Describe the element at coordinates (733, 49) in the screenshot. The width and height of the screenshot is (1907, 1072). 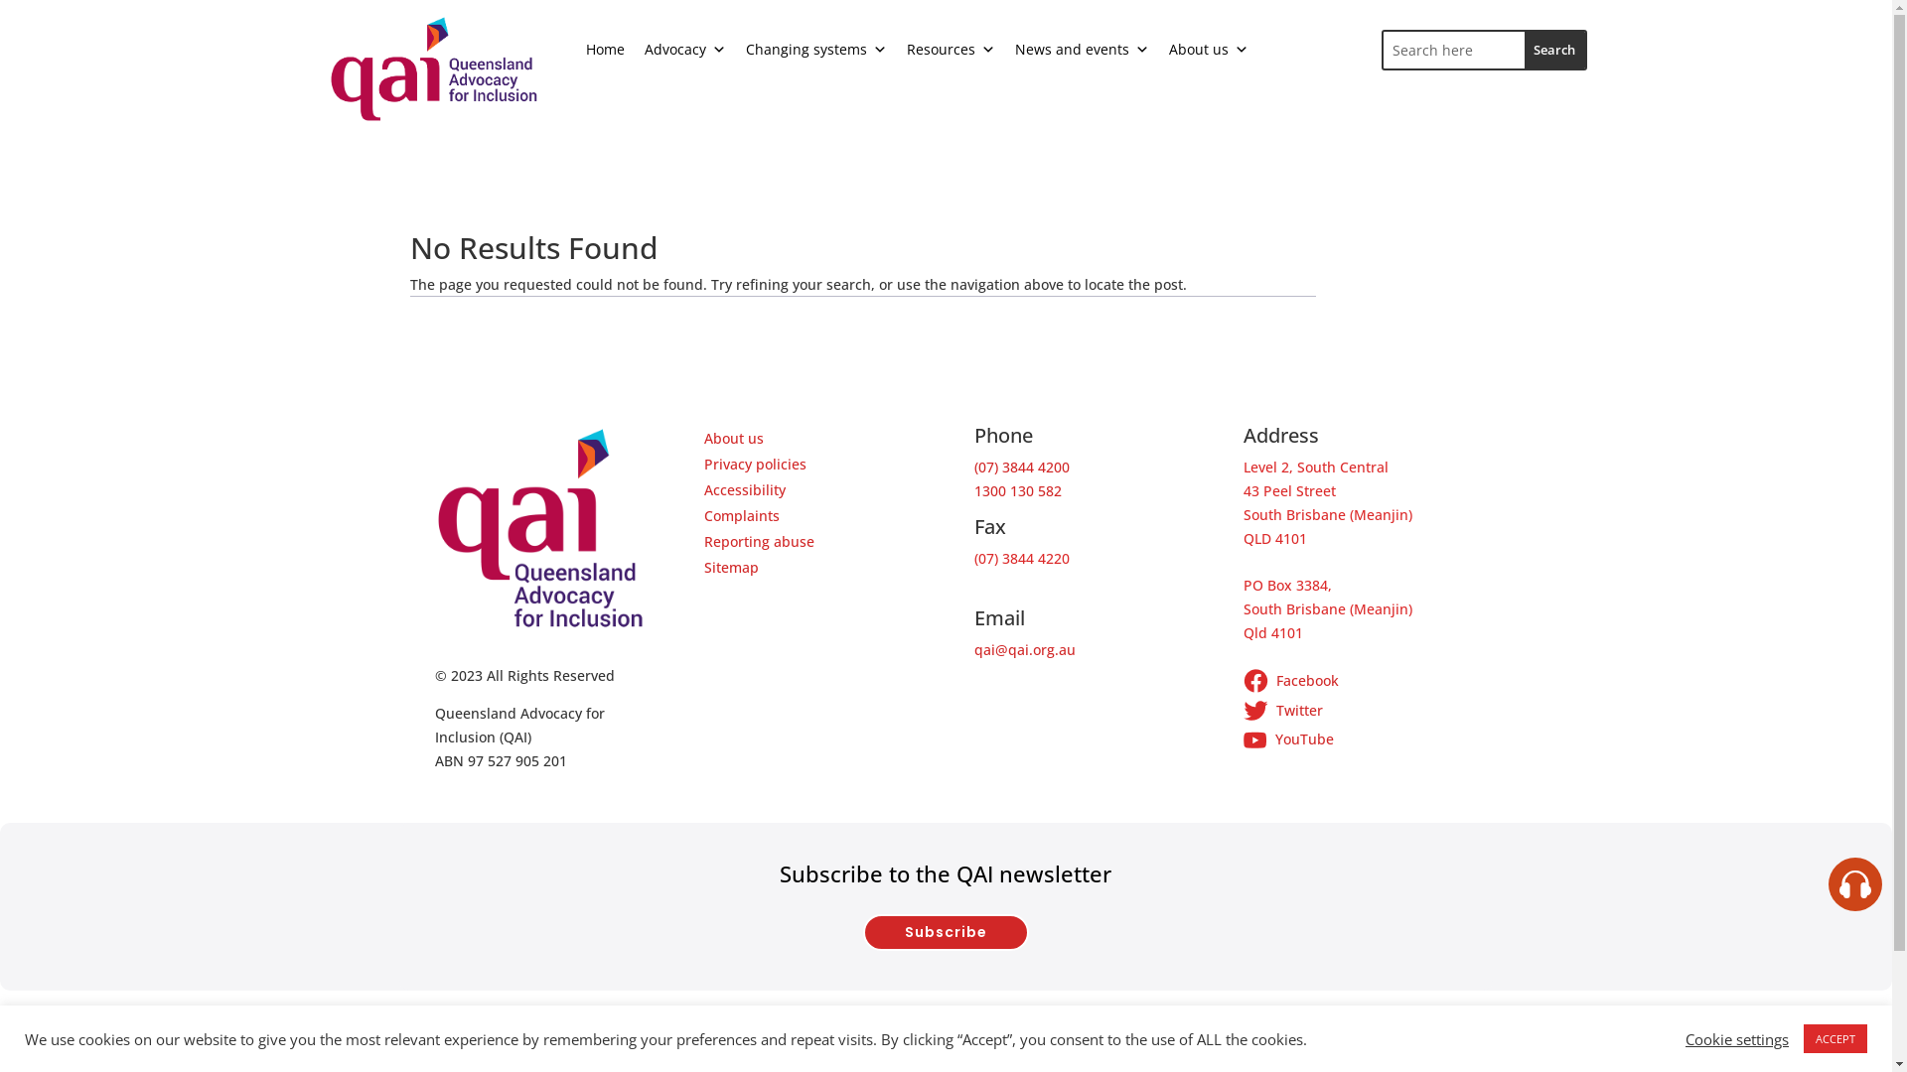
I see `'Changing systems'` at that location.